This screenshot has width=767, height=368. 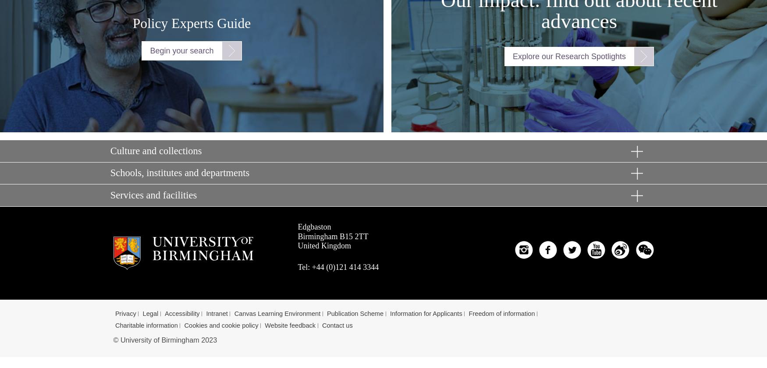 I want to click on 'Accessibility', so click(x=181, y=314).